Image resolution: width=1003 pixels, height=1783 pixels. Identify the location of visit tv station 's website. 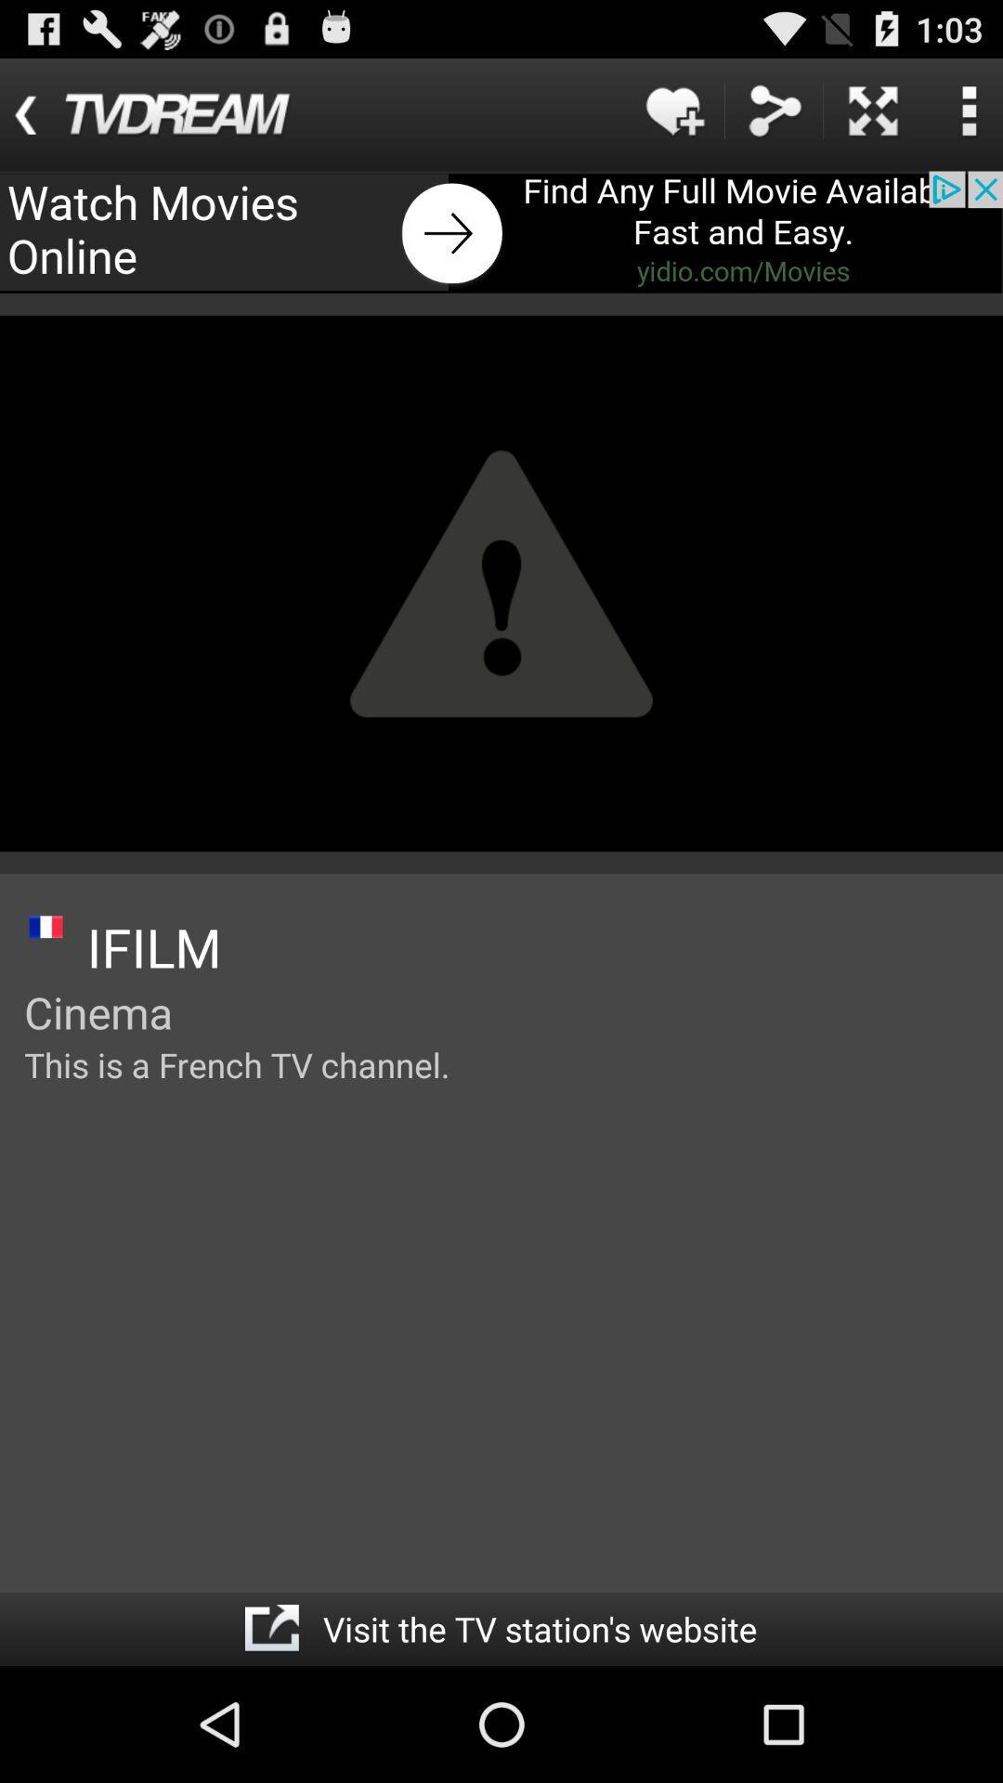
(271, 1628).